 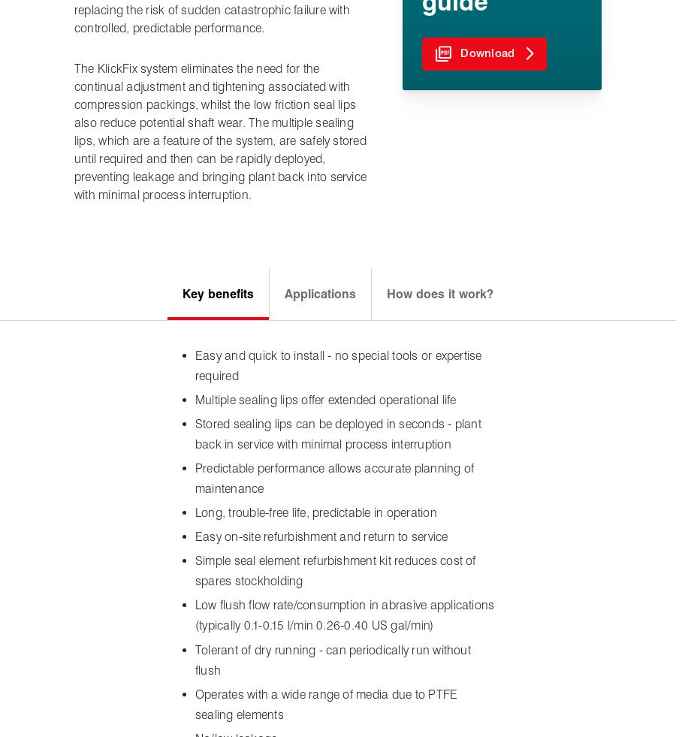 I want to click on 'Follow us', so click(x=477, y=649).